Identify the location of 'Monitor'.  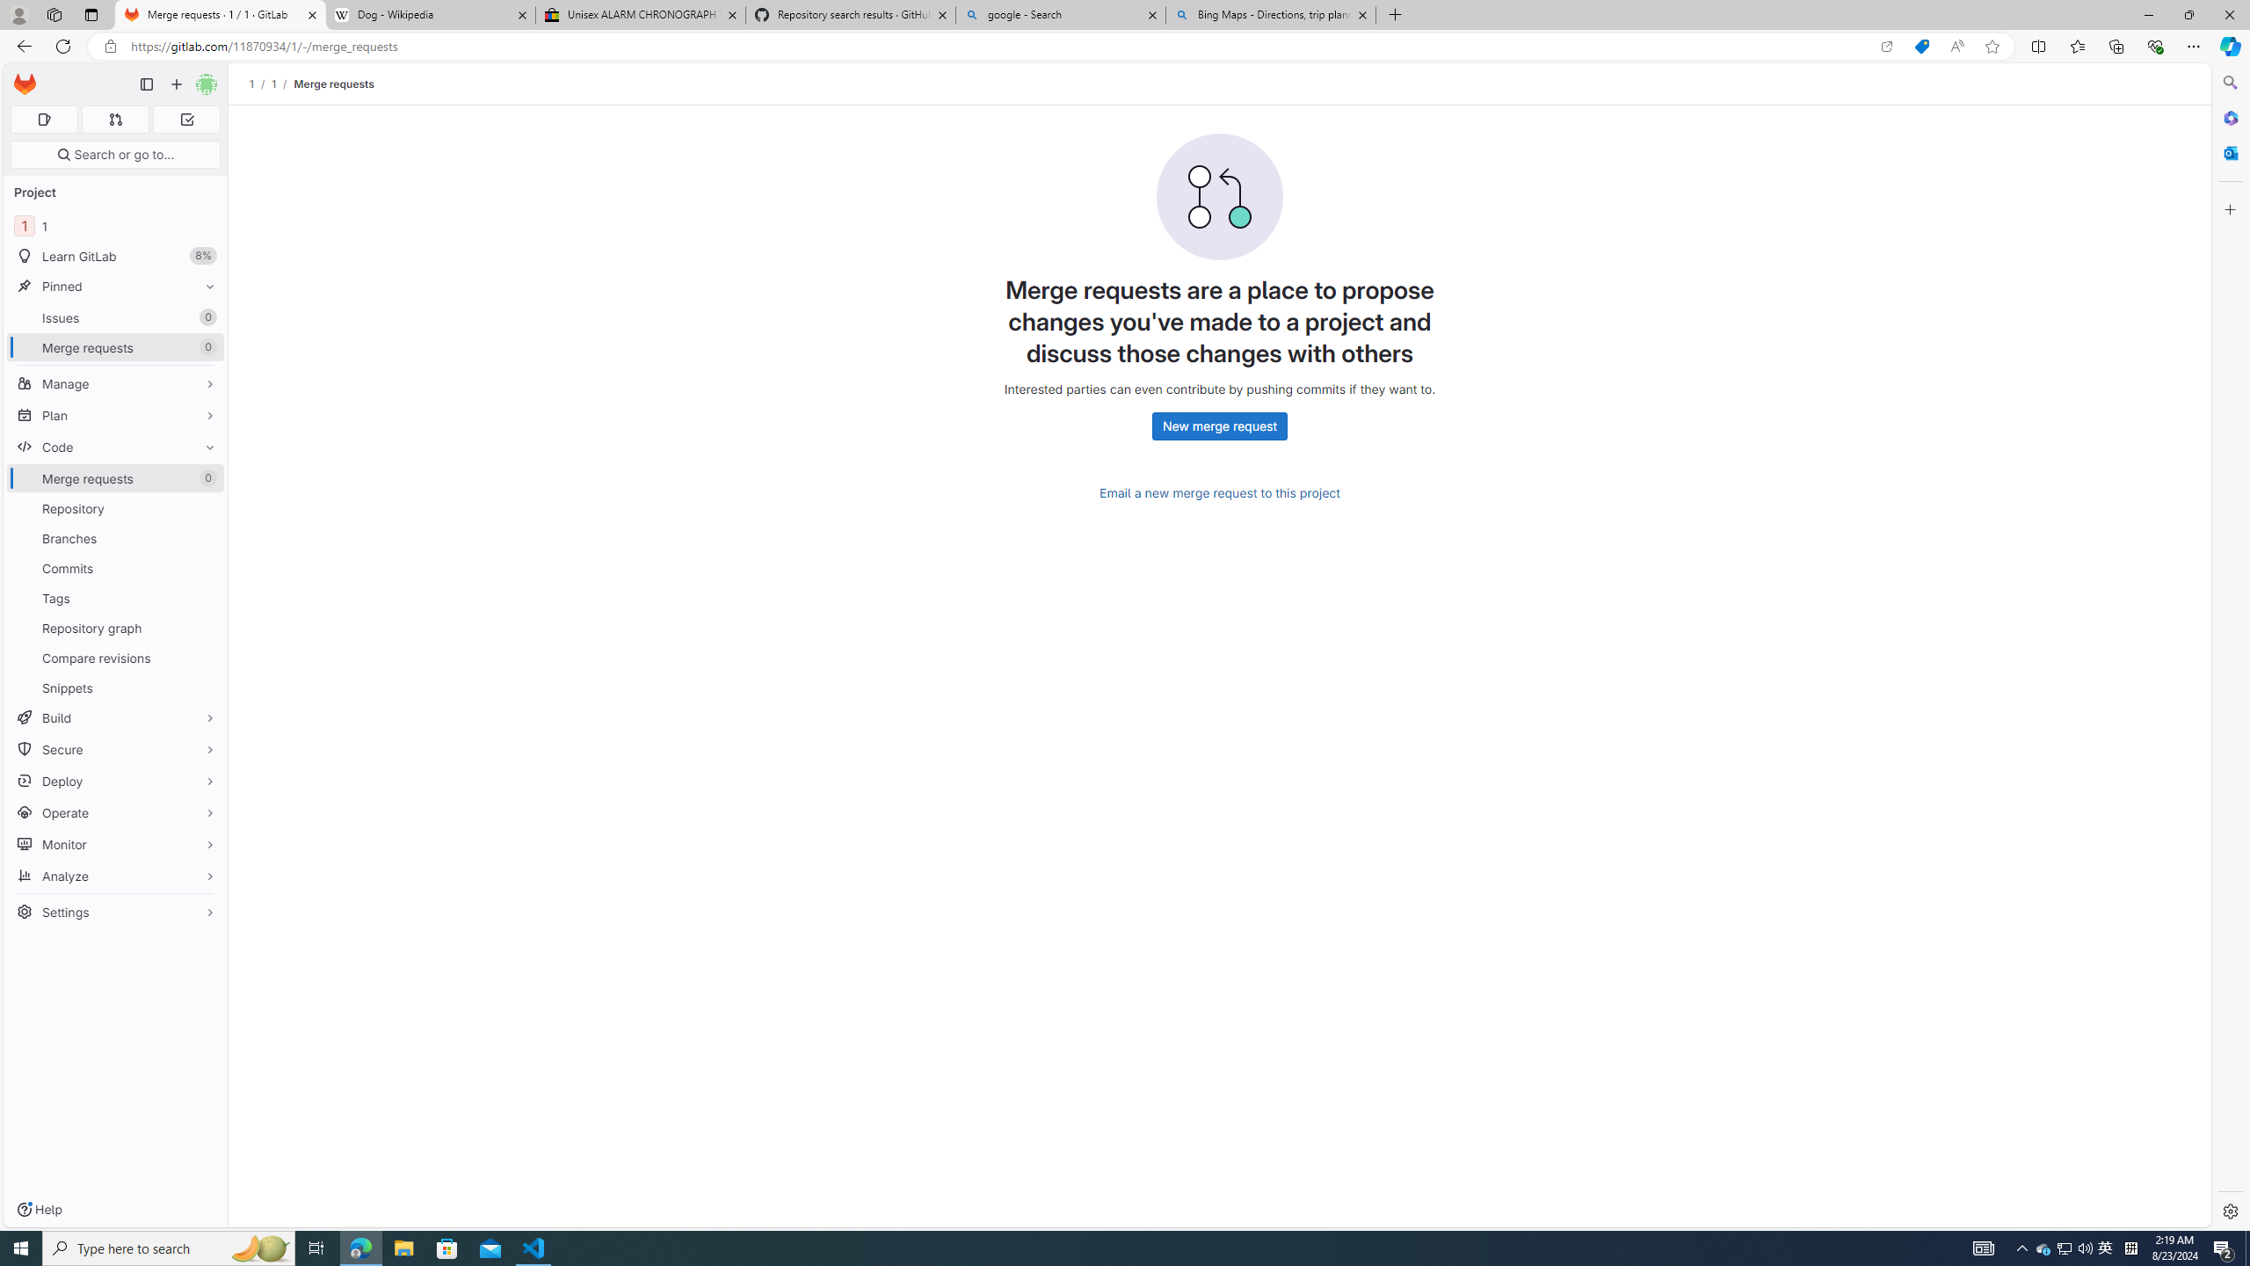
(114, 844).